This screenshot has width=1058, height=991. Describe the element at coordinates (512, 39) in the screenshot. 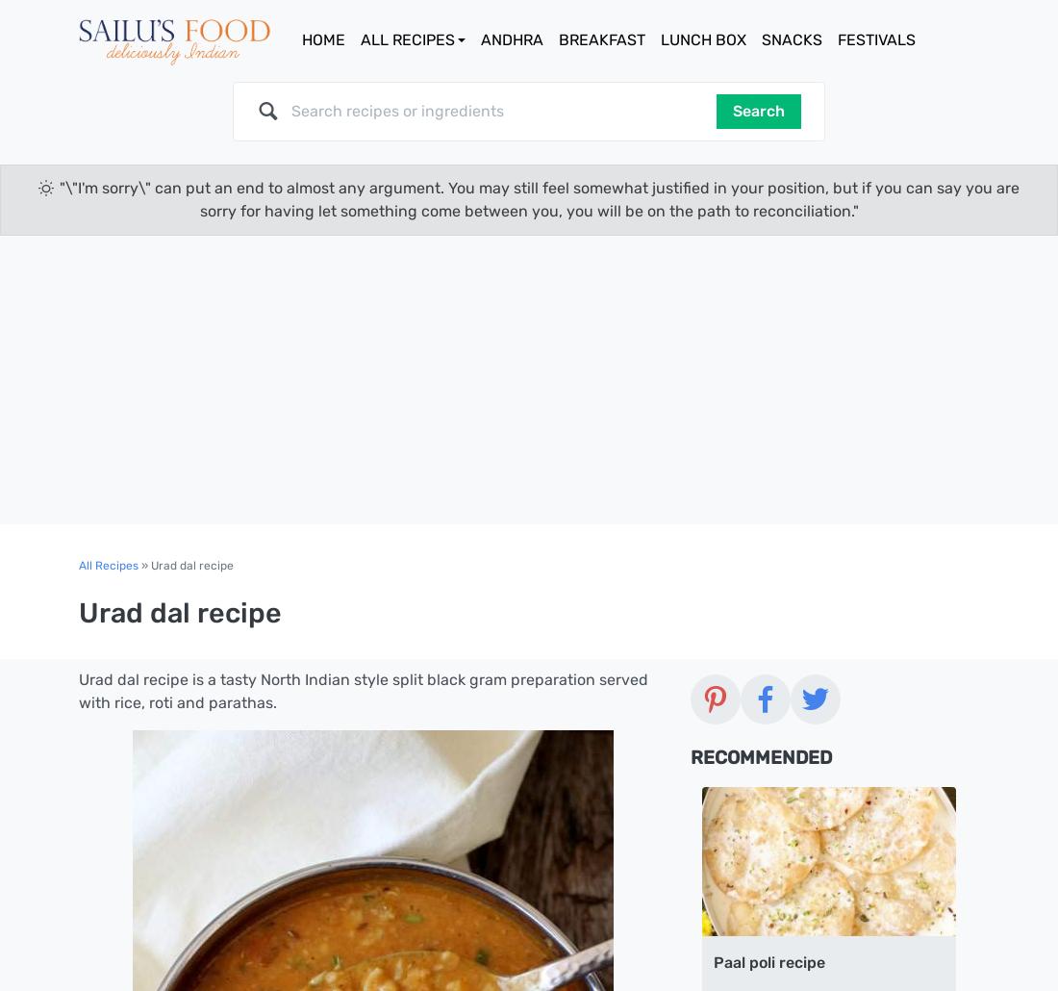

I see `'Andhra'` at that location.